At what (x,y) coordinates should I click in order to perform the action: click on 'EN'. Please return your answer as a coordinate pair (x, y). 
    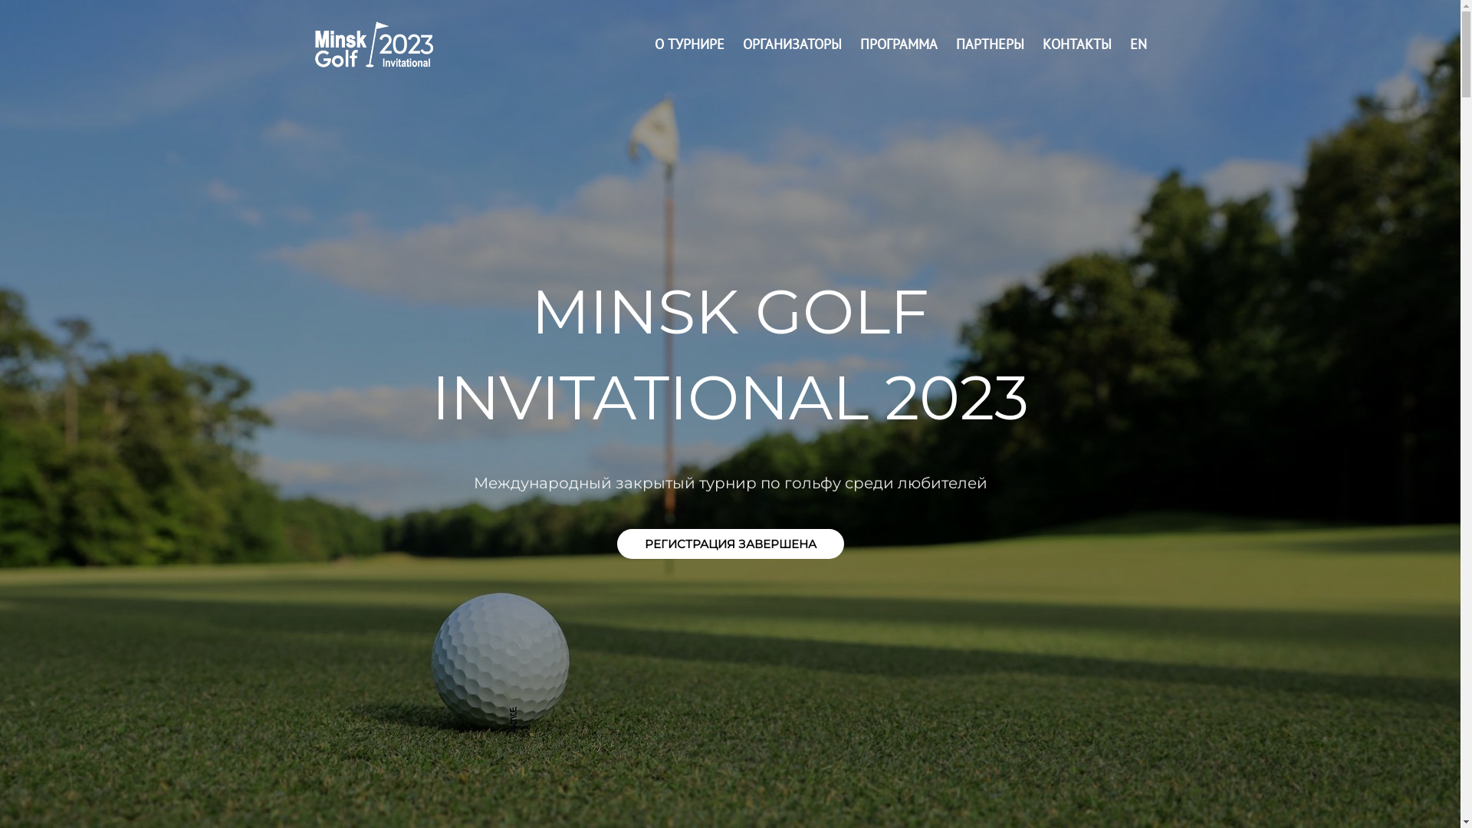
    Looking at the image, I should click on (1138, 44).